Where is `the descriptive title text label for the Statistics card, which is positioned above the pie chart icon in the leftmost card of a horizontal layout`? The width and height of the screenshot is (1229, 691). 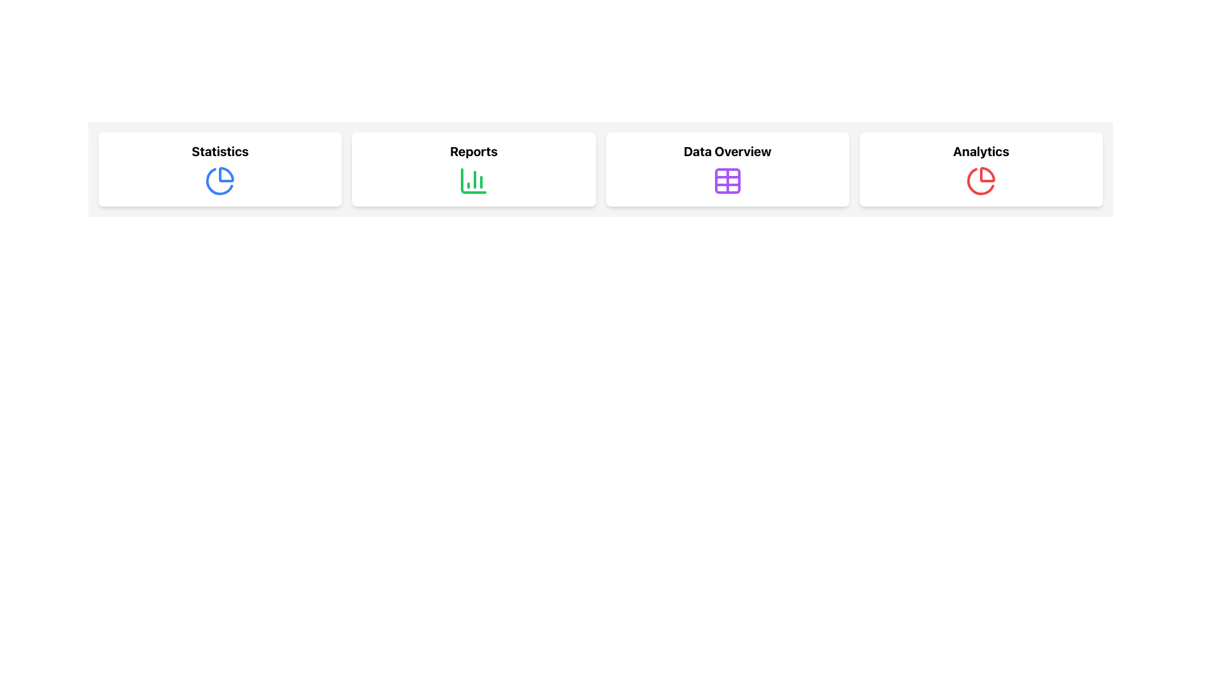 the descriptive title text label for the Statistics card, which is positioned above the pie chart icon in the leftmost card of a horizontal layout is located at coordinates (220, 150).